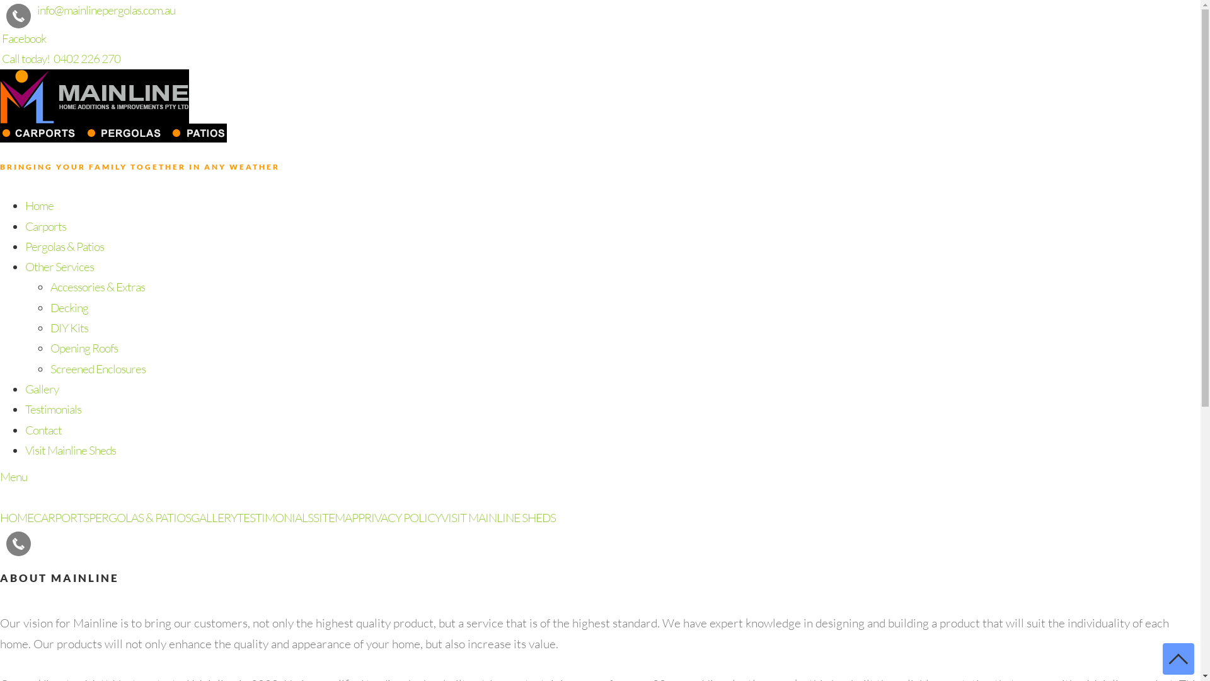  What do you see at coordinates (40, 537) in the screenshot?
I see `' '` at bounding box center [40, 537].